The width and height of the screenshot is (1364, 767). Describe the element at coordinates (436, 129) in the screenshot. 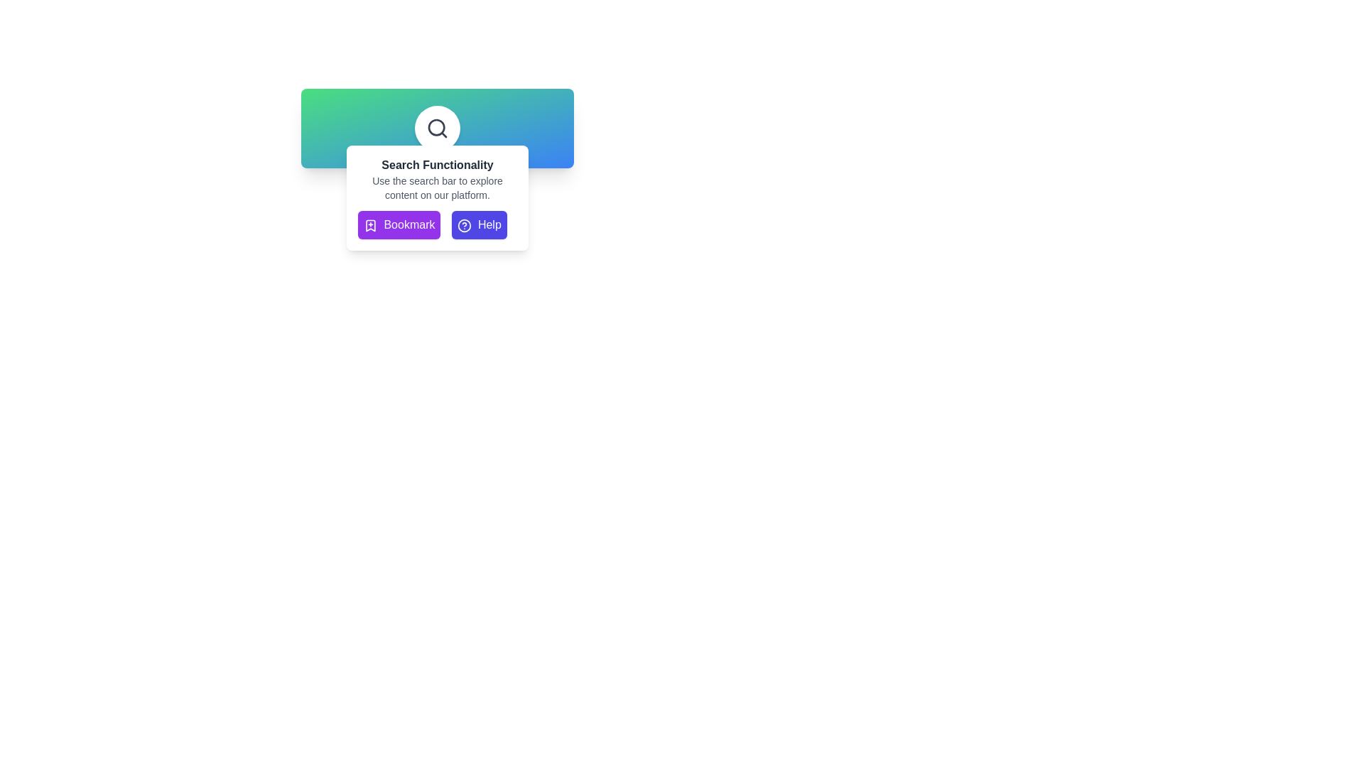

I see `the circular button with a white background and a magnifying glass icon to change its background color to light gray` at that location.